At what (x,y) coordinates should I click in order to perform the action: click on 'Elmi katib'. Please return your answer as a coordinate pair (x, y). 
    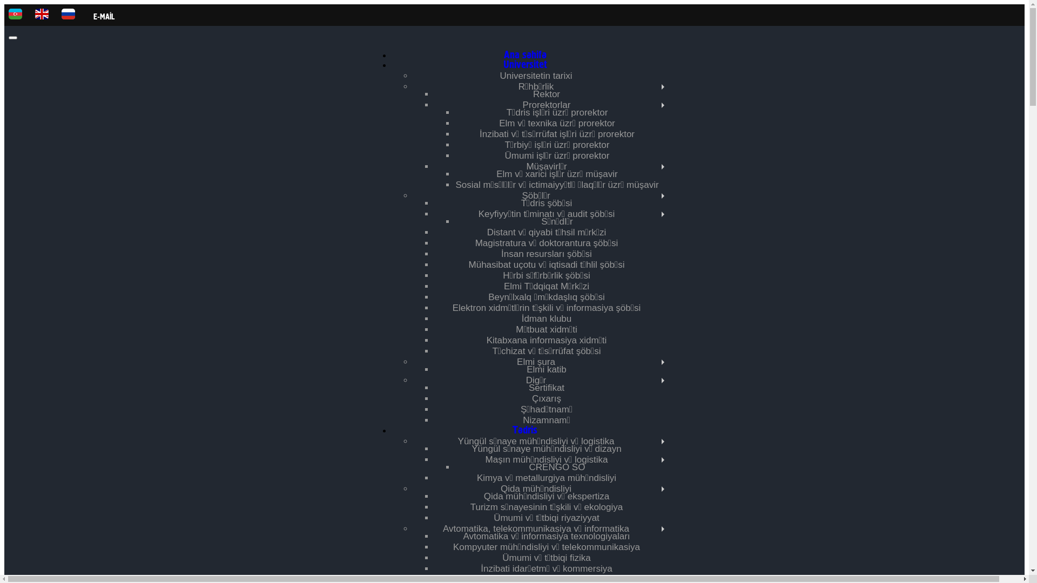
    Looking at the image, I should click on (526, 369).